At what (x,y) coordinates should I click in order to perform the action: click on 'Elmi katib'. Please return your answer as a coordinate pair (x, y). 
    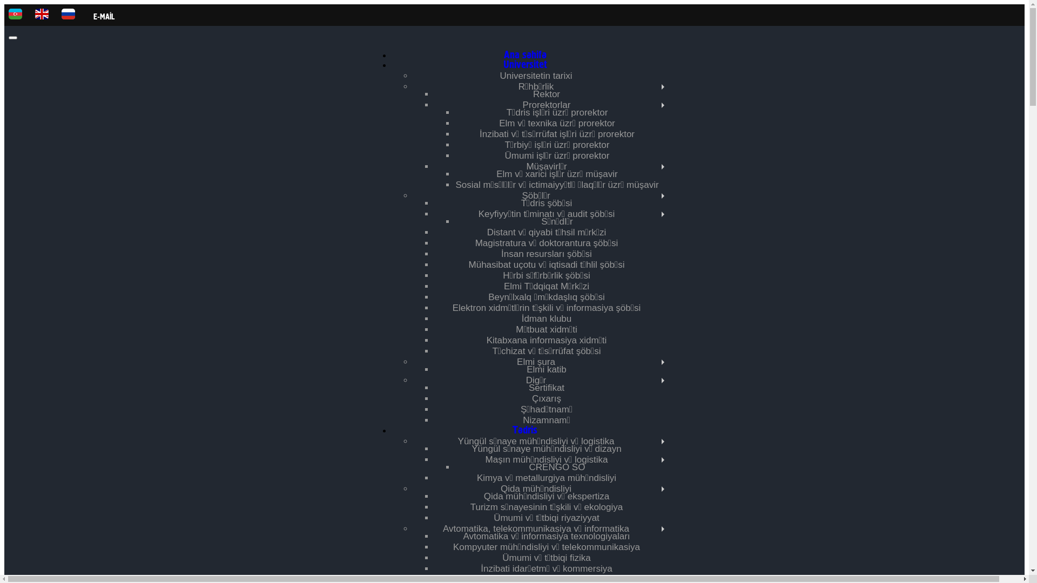
    Looking at the image, I should click on (526, 369).